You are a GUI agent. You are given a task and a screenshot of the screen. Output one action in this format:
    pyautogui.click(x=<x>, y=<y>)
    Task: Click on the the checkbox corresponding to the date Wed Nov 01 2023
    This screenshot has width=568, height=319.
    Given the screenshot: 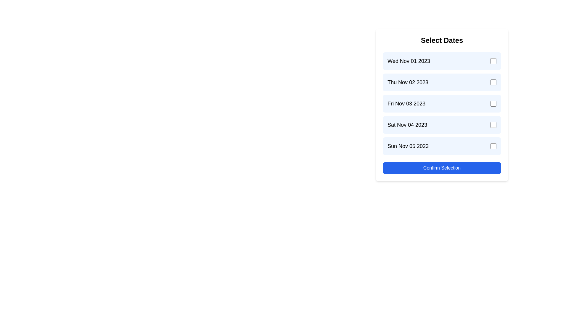 What is the action you would take?
    pyautogui.click(x=493, y=61)
    